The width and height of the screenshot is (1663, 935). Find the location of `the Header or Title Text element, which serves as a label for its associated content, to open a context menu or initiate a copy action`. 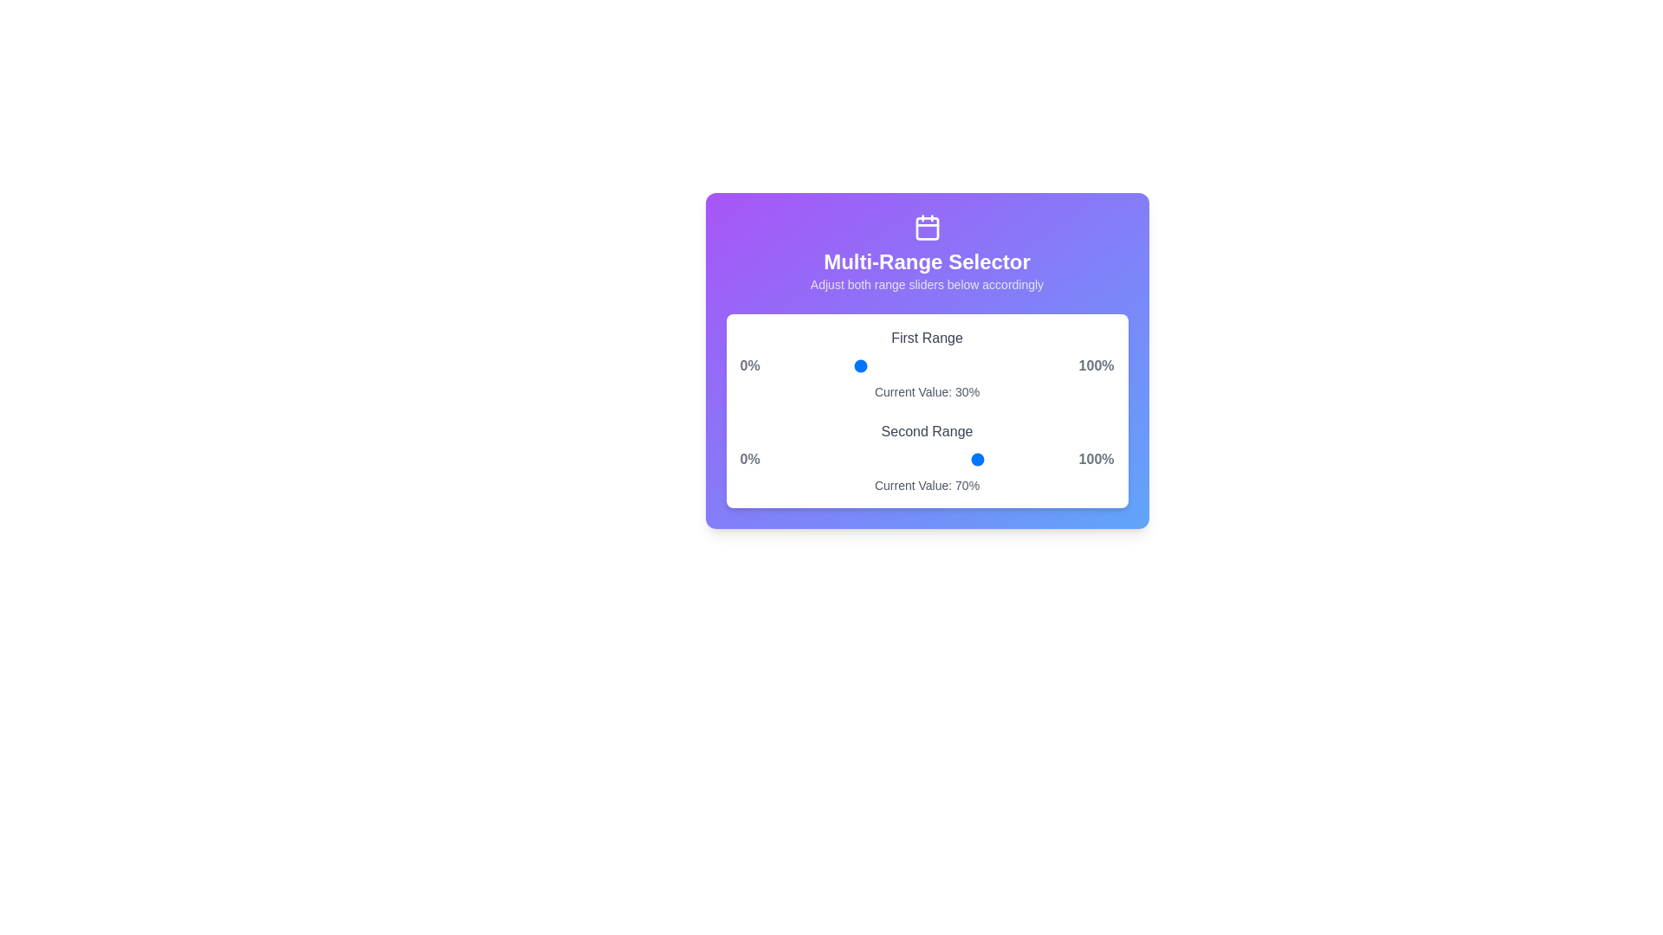

the Header or Title Text element, which serves as a label for its associated content, to open a context menu or initiate a copy action is located at coordinates (926, 262).